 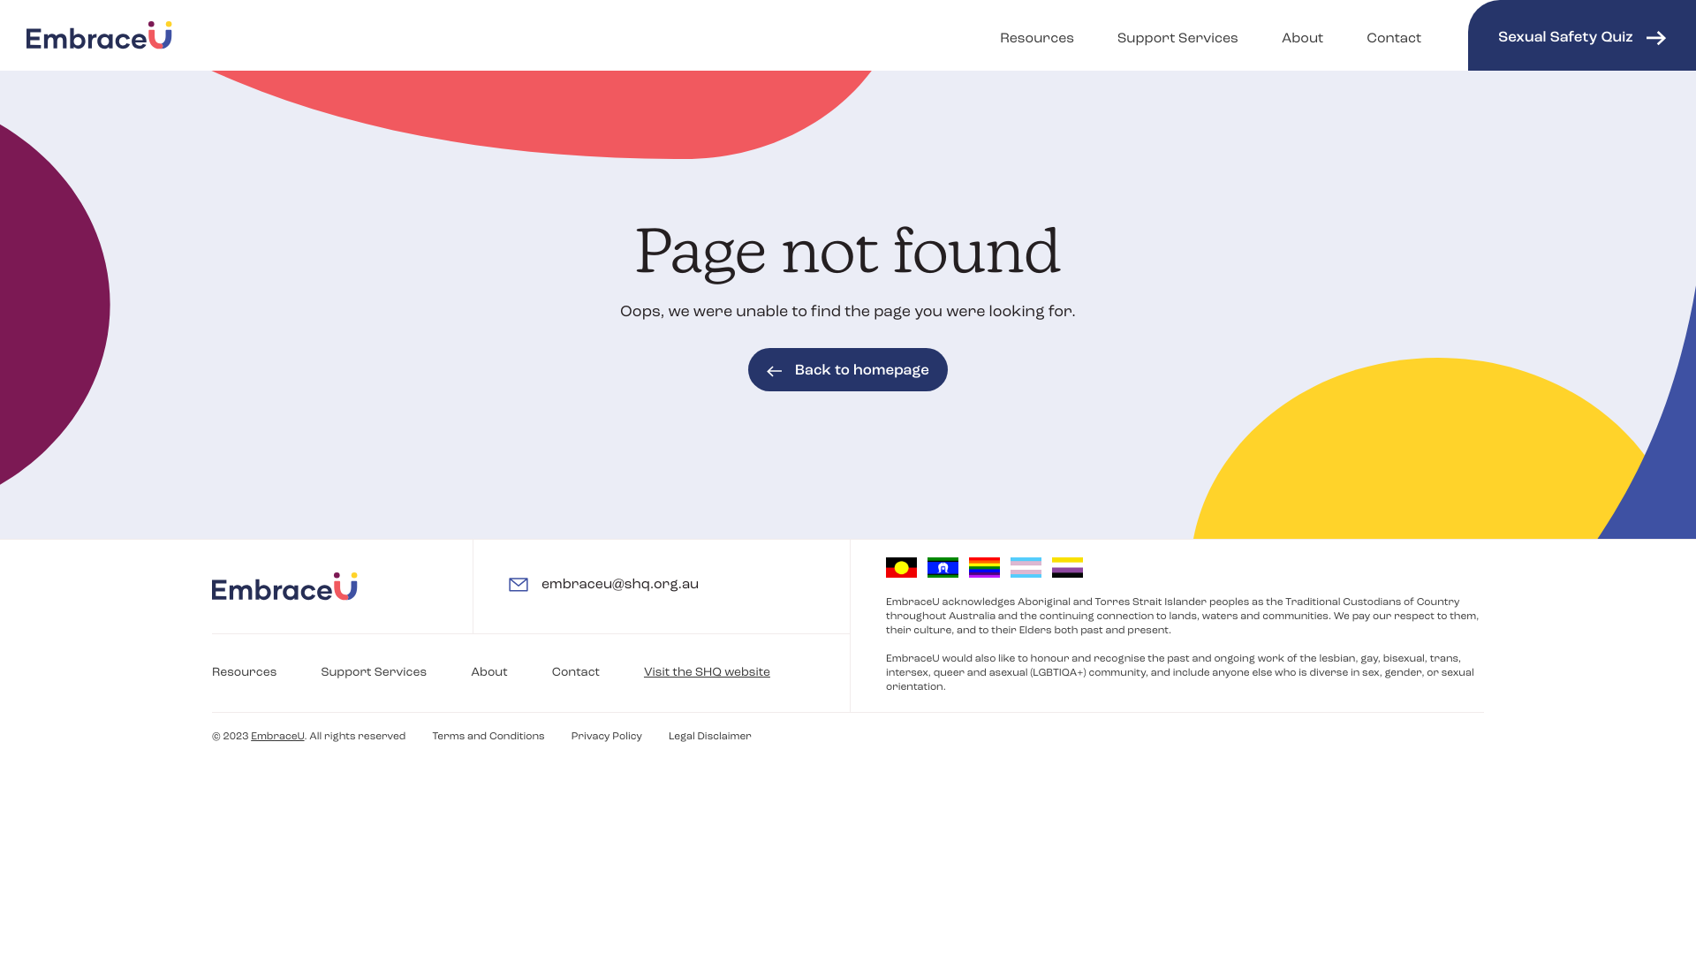 What do you see at coordinates (550, 672) in the screenshot?
I see `'Contact'` at bounding box center [550, 672].